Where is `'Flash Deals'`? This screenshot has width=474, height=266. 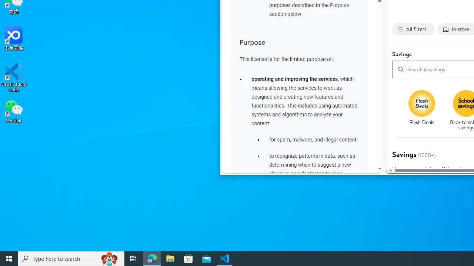
'Flash Deals' is located at coordinates (424, 111).